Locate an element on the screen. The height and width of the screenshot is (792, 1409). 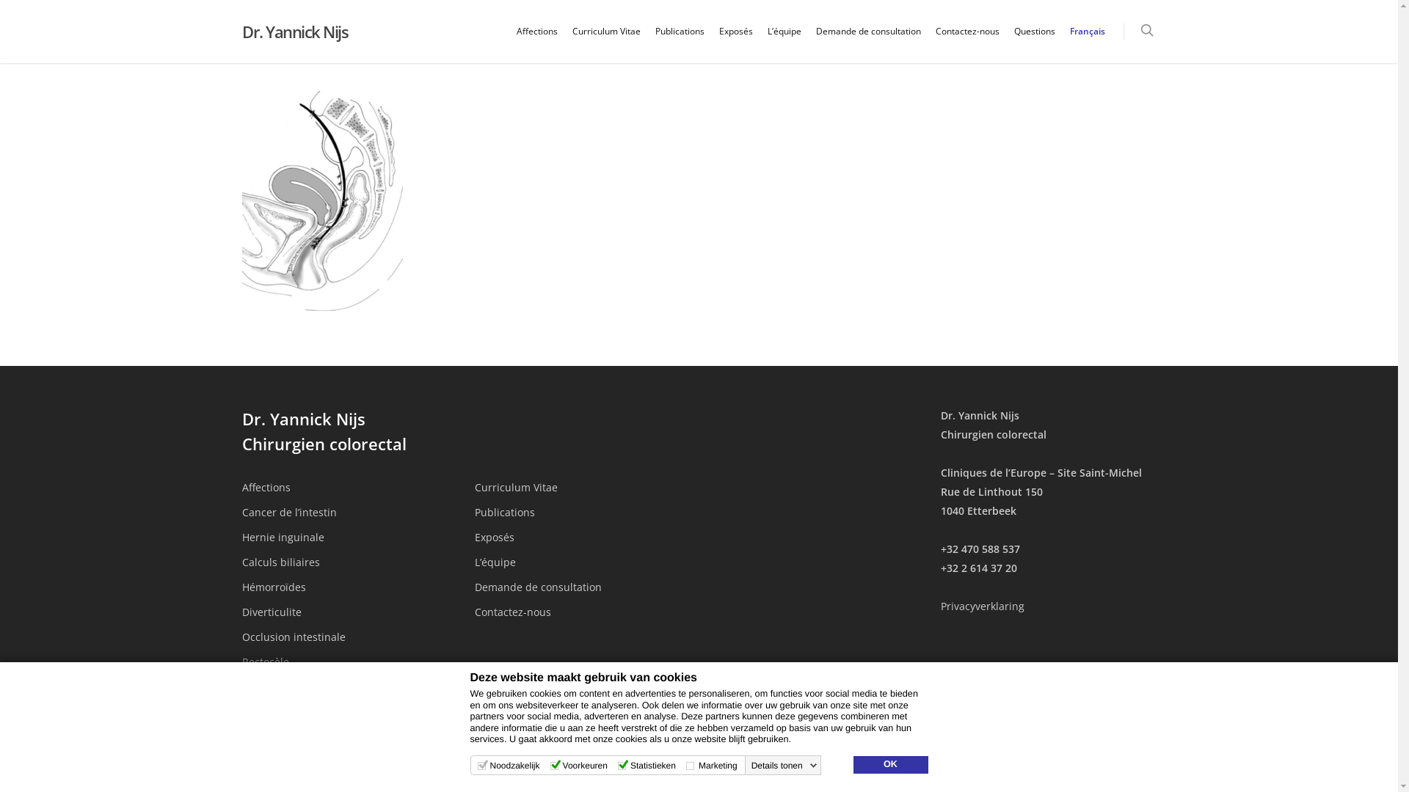
'Demande de consultation' is located at coordinates (581, 587).